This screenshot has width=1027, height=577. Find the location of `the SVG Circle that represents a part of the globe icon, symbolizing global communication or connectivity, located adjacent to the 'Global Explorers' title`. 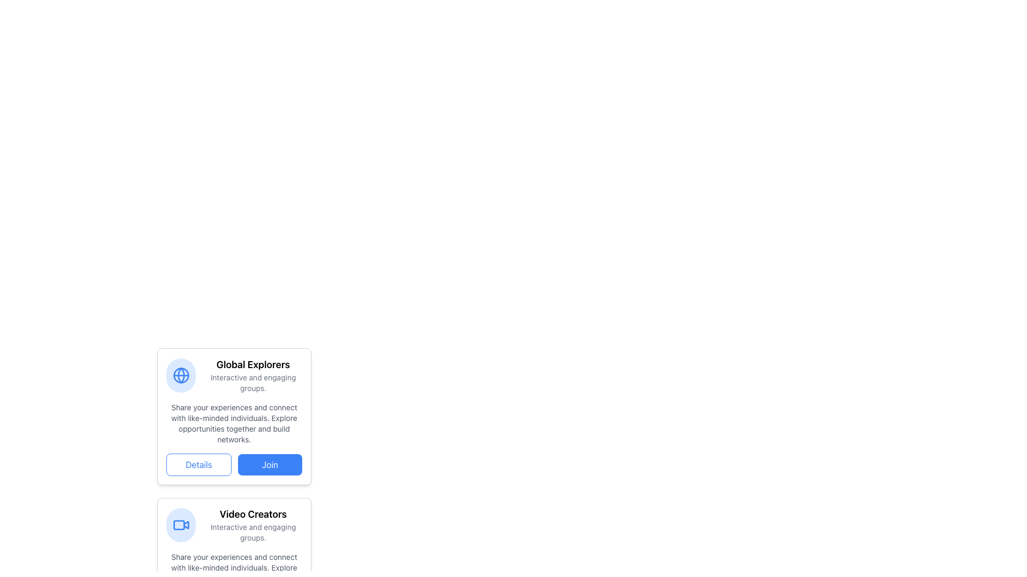

the SVG Circle that represents a part of the globe icon, symbolizing global communication or connectivity, located adjacent to the 'Global Explorers' title is located at coordinates (181, 375).